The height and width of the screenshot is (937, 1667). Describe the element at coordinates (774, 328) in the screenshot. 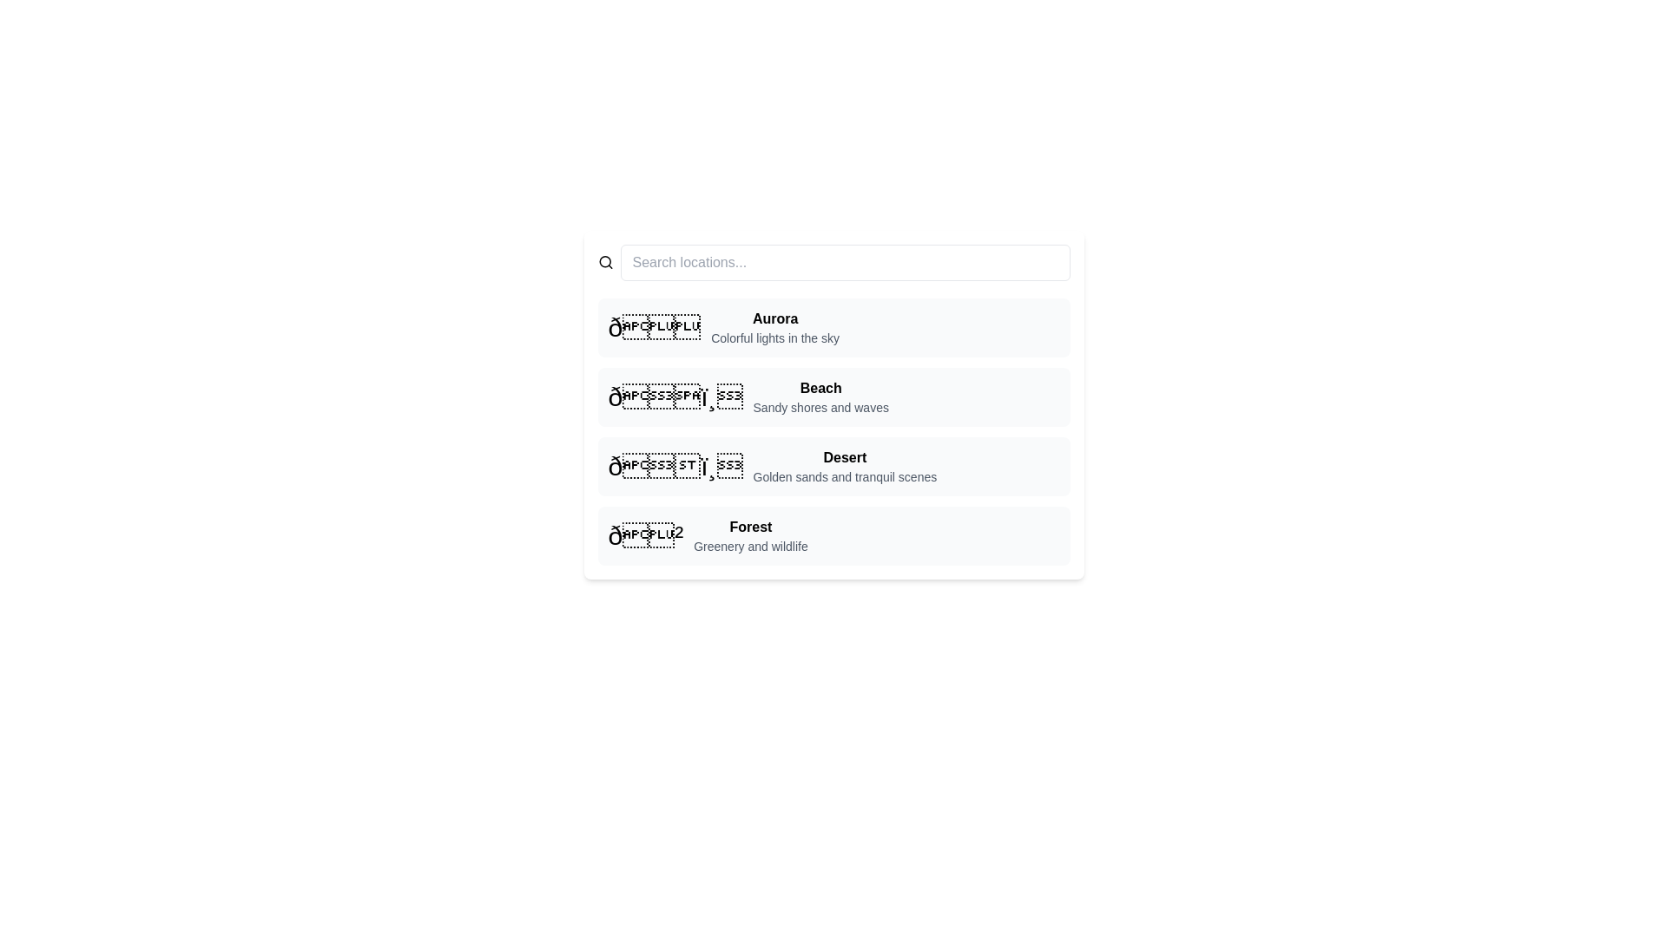

I see `the text block containing 'Aurora' and 'Colorful lights in the sky' within the first selectable card` at that location.